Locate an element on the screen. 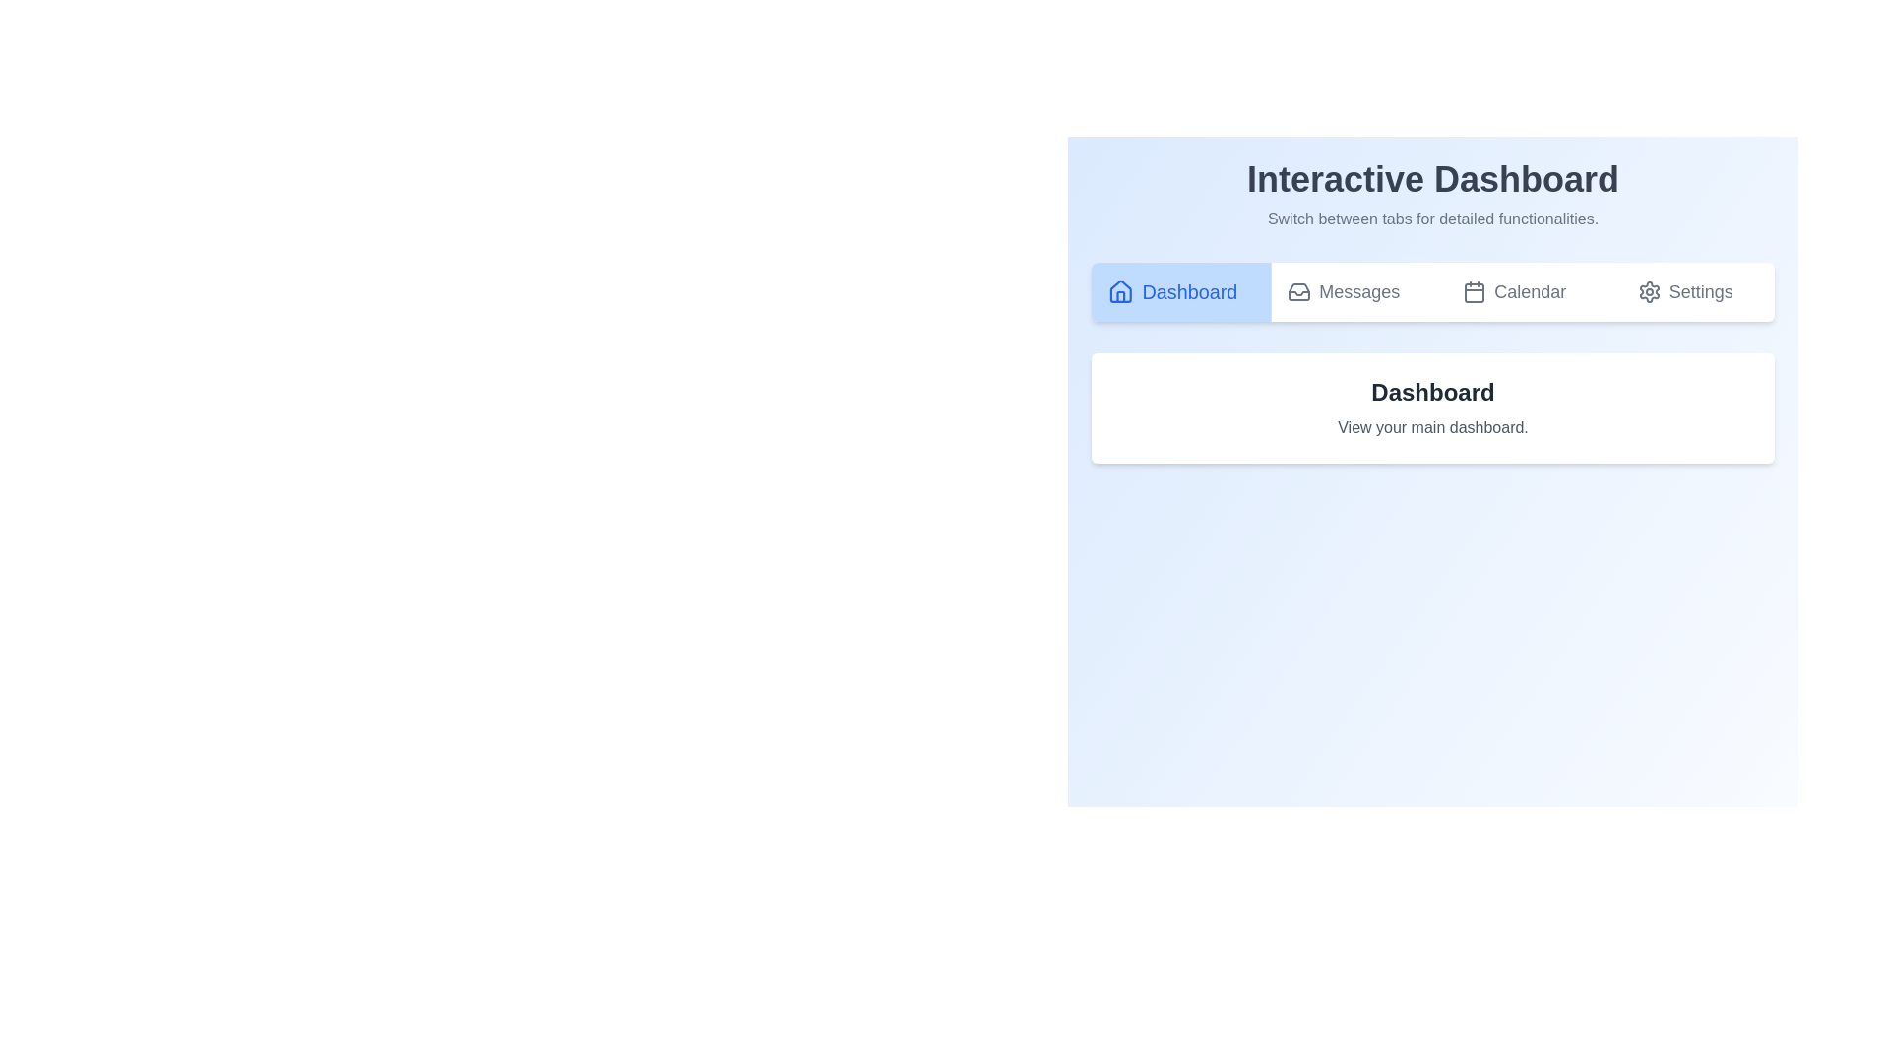  the 'Calendar' tab, which is the third tab in the navigation bar, to observe the hover style change is located at coordinates (1517, 292).